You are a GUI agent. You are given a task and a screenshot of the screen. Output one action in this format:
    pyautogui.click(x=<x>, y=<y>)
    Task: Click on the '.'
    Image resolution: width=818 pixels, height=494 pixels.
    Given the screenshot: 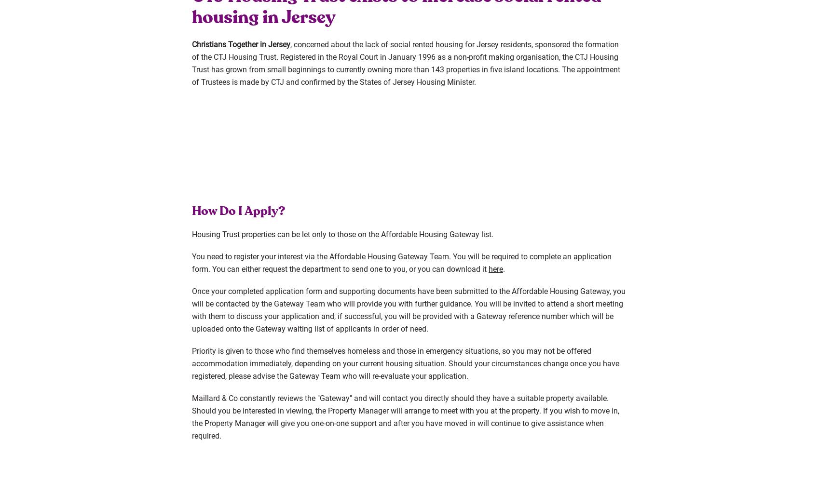 What is the action you would take?
    pyautogui.click(x=503, y=268)
    